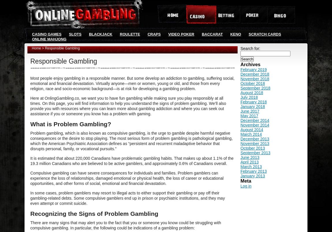 The image size is (332, 232). Describe the element at coordinates (235, 34) in the screenshot. I see `'Keno'` at that location.